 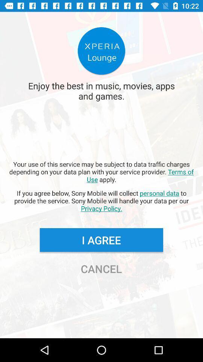 What do you see at coordinates (101, 239) in the screenshot?
I see `the i agree button` at bounding box center [101, 239].